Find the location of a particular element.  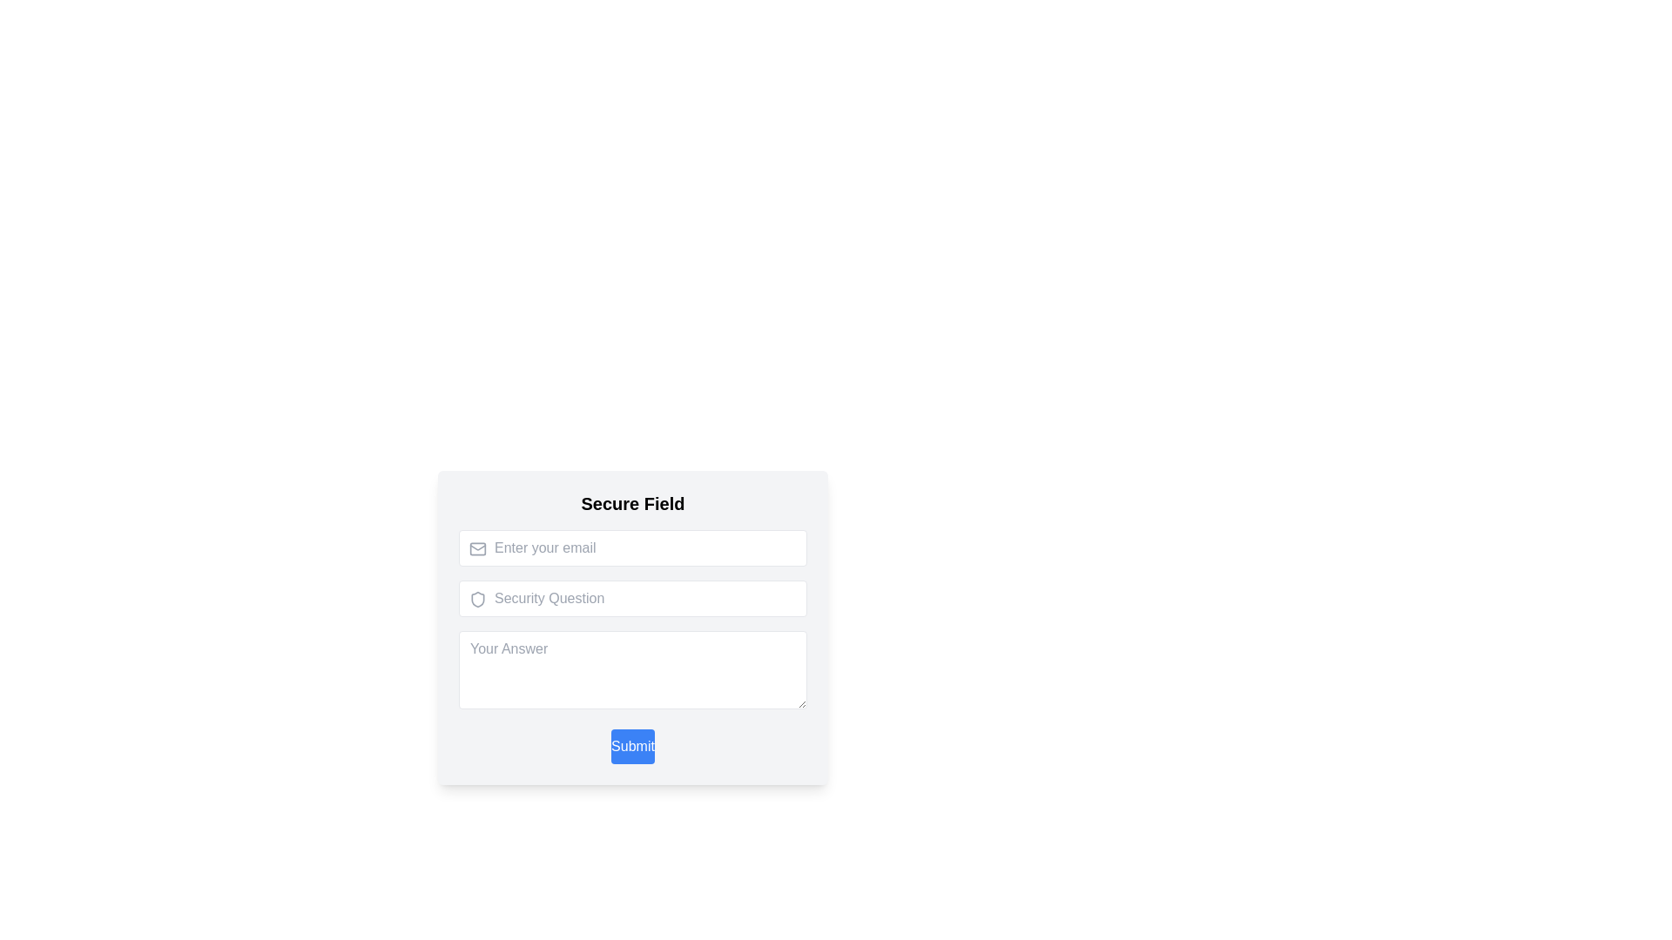

the inner rectangle of the mail icon, which is part of the background design for the email input field is located at coordinates (477, 549).